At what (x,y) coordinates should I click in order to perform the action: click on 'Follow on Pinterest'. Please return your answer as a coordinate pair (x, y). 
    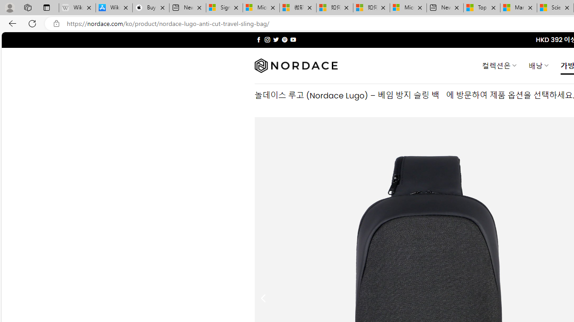
    Looking at the image, I should click on (284, 39).